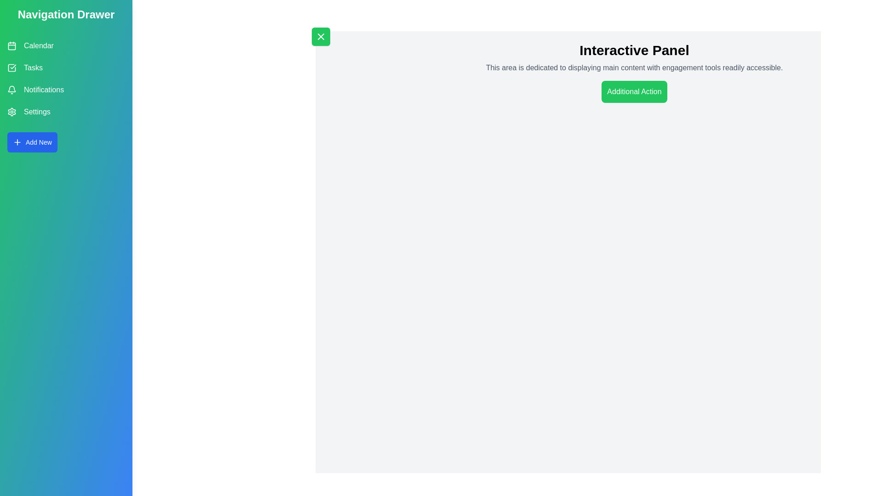 The height and width of the screenshot is (496, 883). What do you see at coordinates (17, 142) in the screenshot?
I see `the '+' icon inside the blue rounded 'Add New' button located in the left navigation drawer` at bounding box center [17, 142].